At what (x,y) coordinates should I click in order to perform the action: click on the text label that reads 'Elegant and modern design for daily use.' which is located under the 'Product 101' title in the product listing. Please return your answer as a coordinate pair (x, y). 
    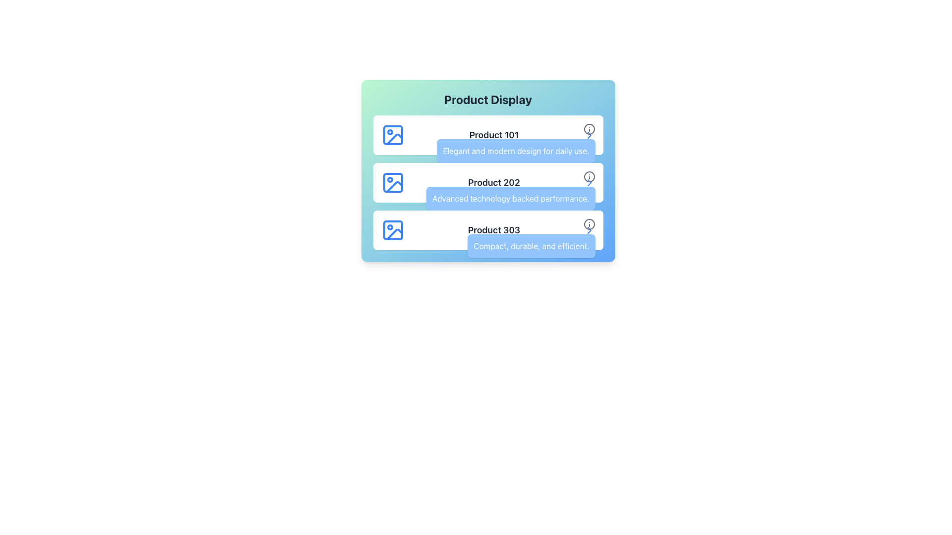
    Looking at the image, I should click on (516, 151).